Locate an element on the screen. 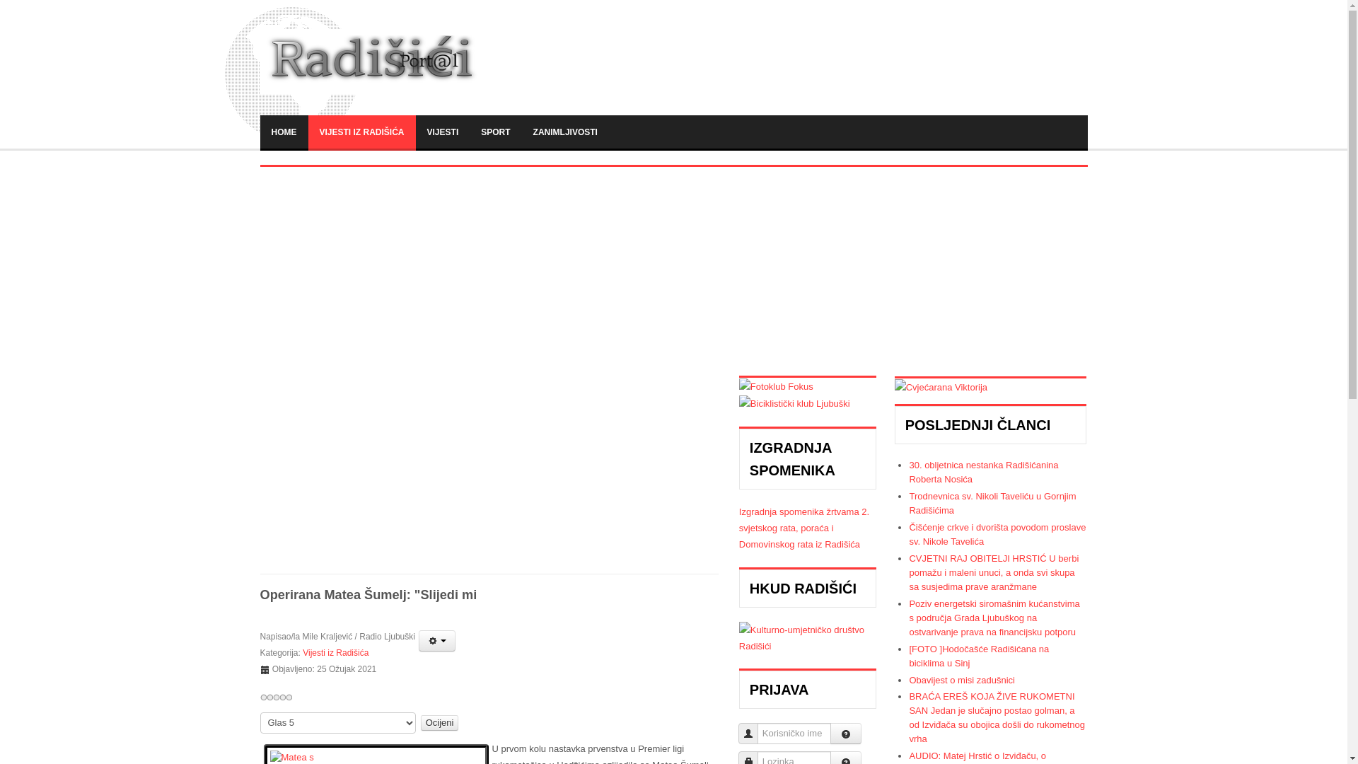 This screenshot has height=764, width=1358. 'ZANIMLJIVOSTI' is located at coordinates (564, 132).